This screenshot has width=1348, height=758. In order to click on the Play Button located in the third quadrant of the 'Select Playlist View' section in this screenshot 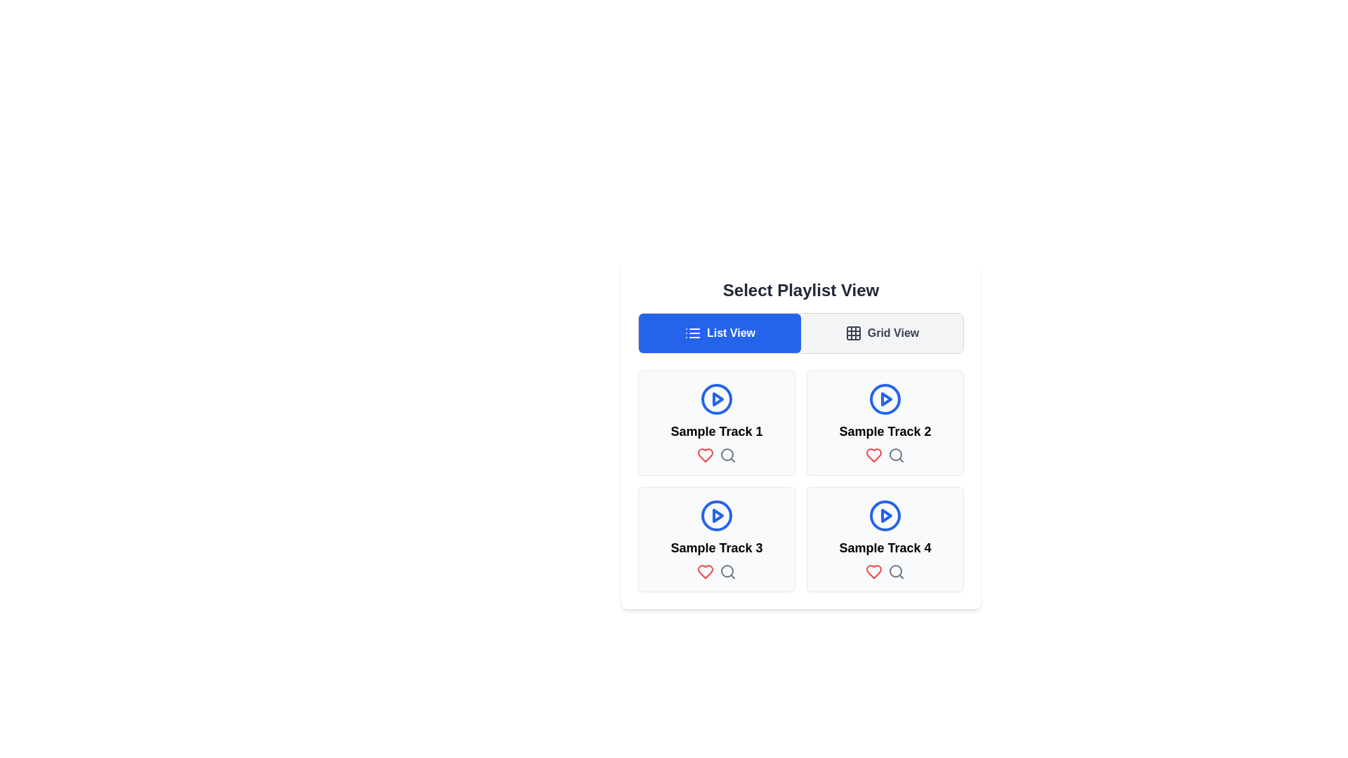, I will do `click(718, 516)`.